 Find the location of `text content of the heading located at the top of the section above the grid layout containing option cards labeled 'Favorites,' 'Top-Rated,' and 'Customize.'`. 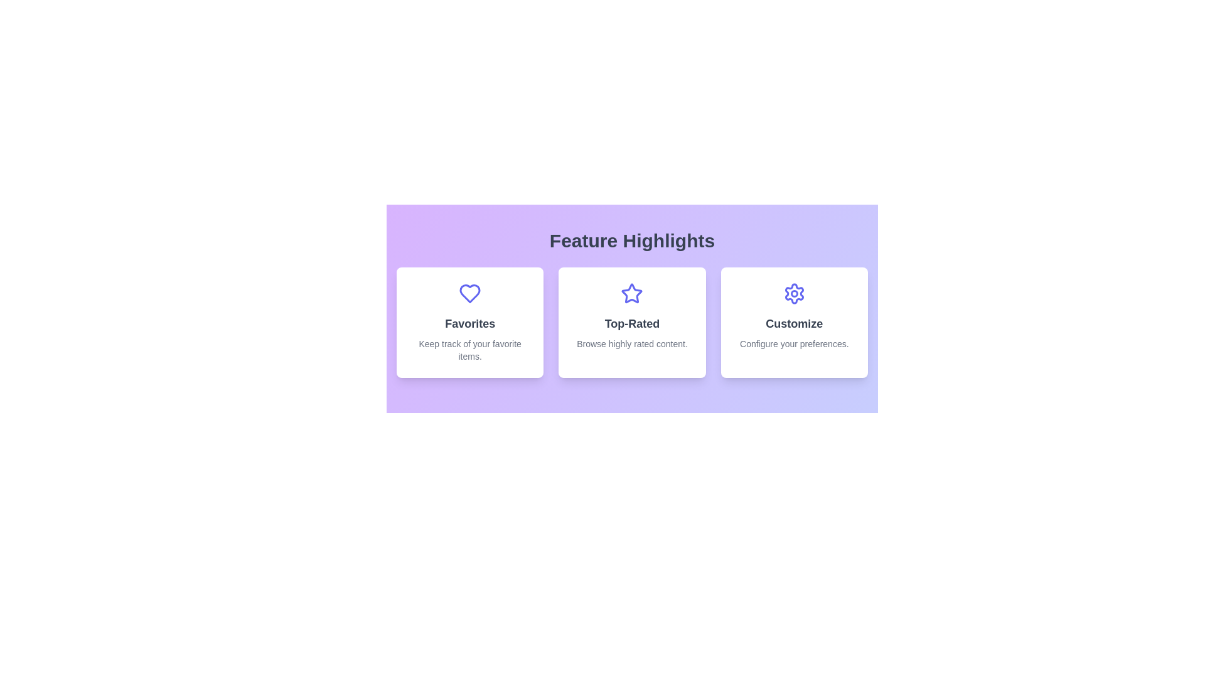

text content of the heading located at the top of the section above the grid layout containing option cards labeled 'Favorites,' 'Top-Rated,' and 'Customize.' is located at coordinates (632, 241).